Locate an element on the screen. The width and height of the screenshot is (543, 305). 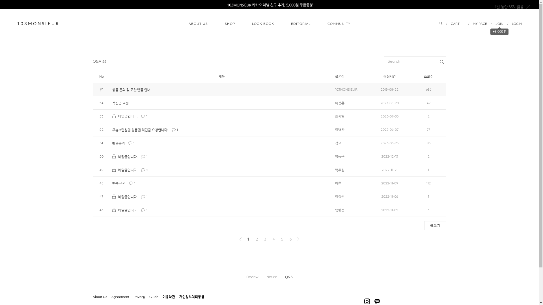
'EDITORIAL' is located at coordinates (300, 23).